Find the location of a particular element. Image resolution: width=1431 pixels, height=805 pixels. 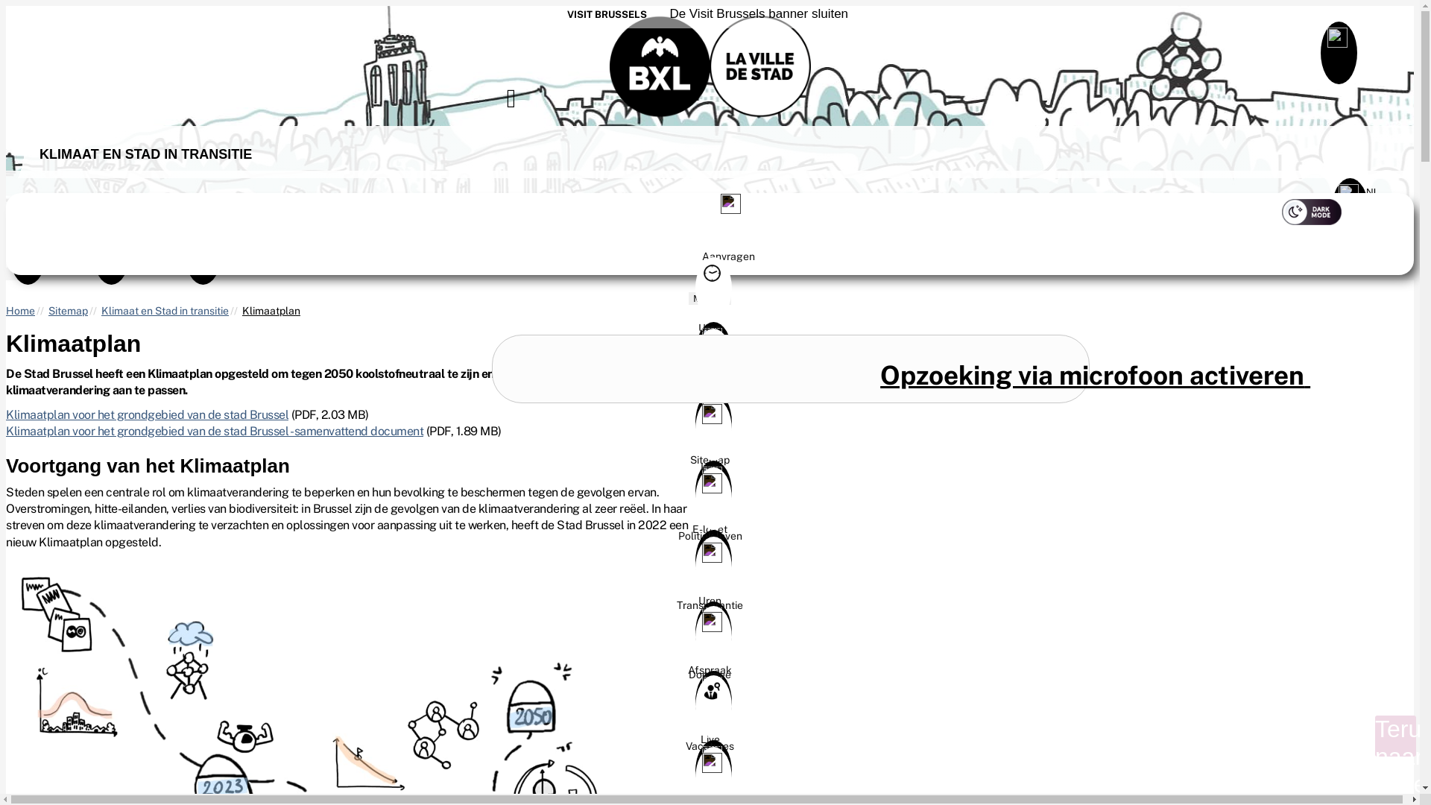

'Klimaatplan' is located at coordinates (271, 309).